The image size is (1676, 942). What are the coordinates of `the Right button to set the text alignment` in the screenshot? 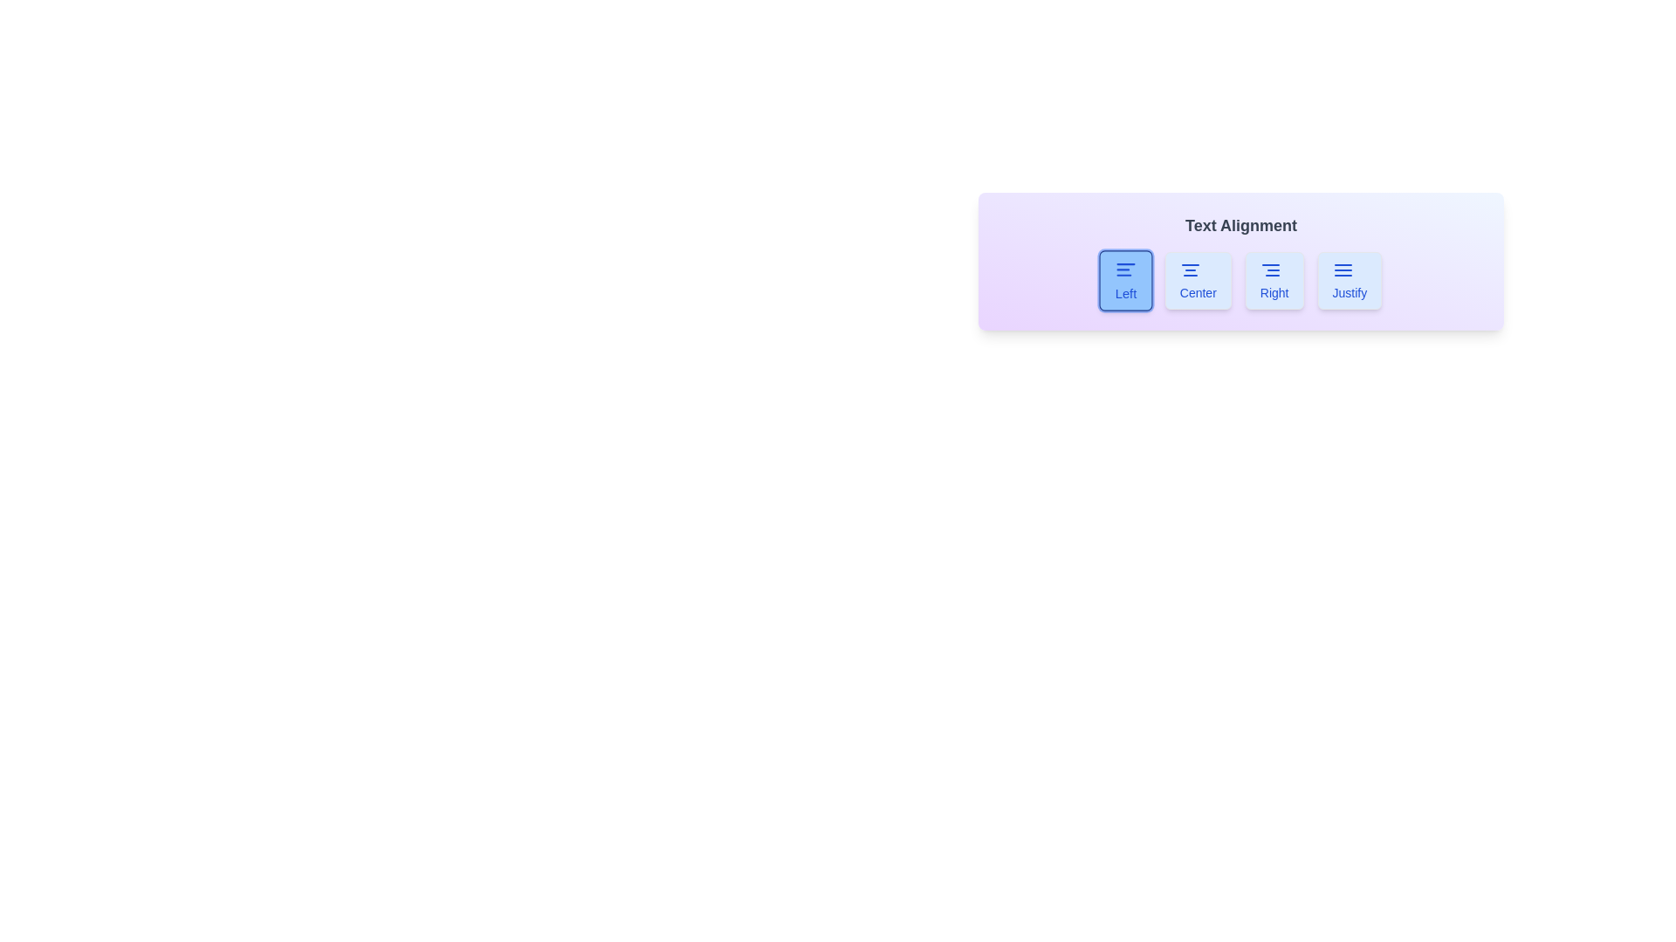 It's located at (1274, 279).